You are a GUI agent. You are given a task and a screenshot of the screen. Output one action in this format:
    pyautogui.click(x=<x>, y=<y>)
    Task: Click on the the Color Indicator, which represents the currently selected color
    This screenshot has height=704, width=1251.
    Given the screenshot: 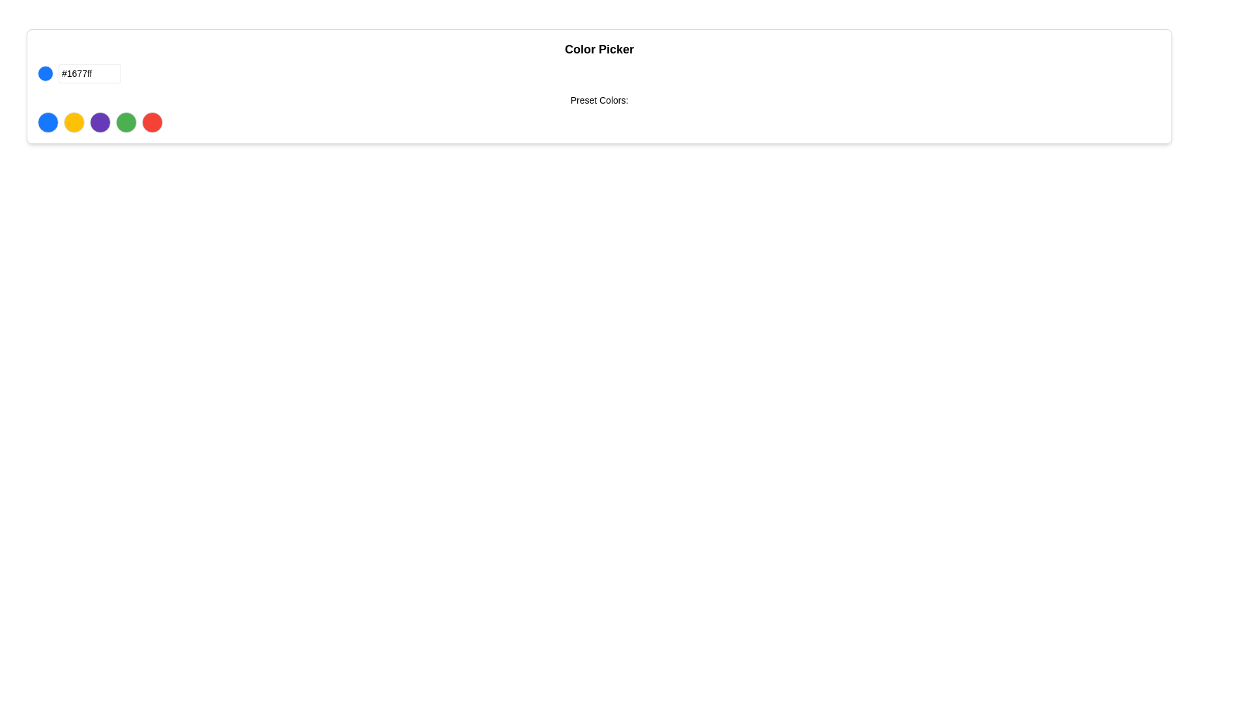 What is the action you would take?
    pyautogui.click(x=46, y=73)
    